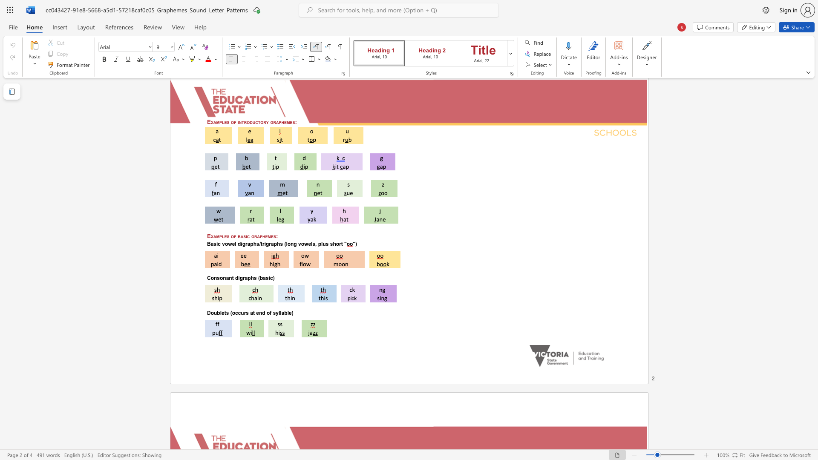 This screenshot has height=460, width=818. What do you see at coordinates (235, 278) in the screenshot?
I see `the subset text "digraphs (bas" within the text "Consonant digraphs (basic)"` at bounding box center [235, 278].